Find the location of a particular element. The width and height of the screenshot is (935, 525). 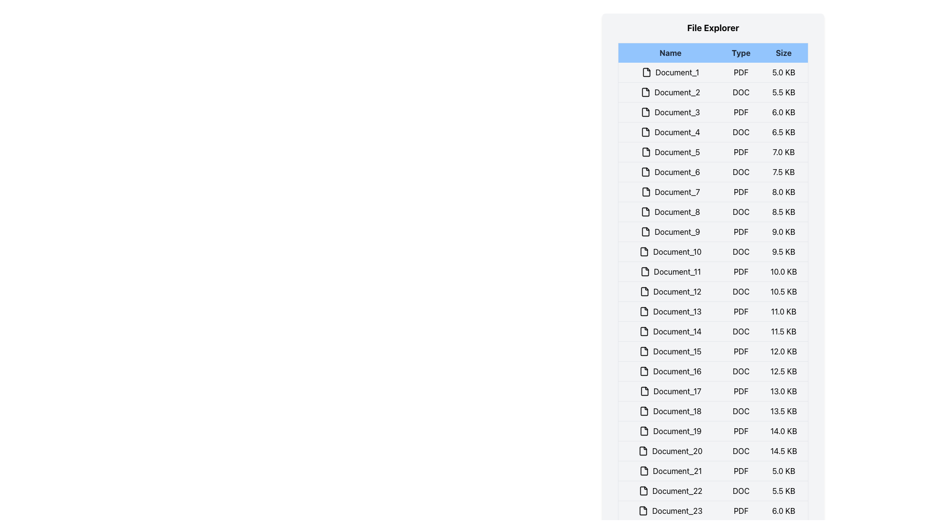

the graphical icon representing a document file located at the beginning of the 10th row of the file explorer list, which is styled in black and resembles a document file is located at coordinates (644, 251).